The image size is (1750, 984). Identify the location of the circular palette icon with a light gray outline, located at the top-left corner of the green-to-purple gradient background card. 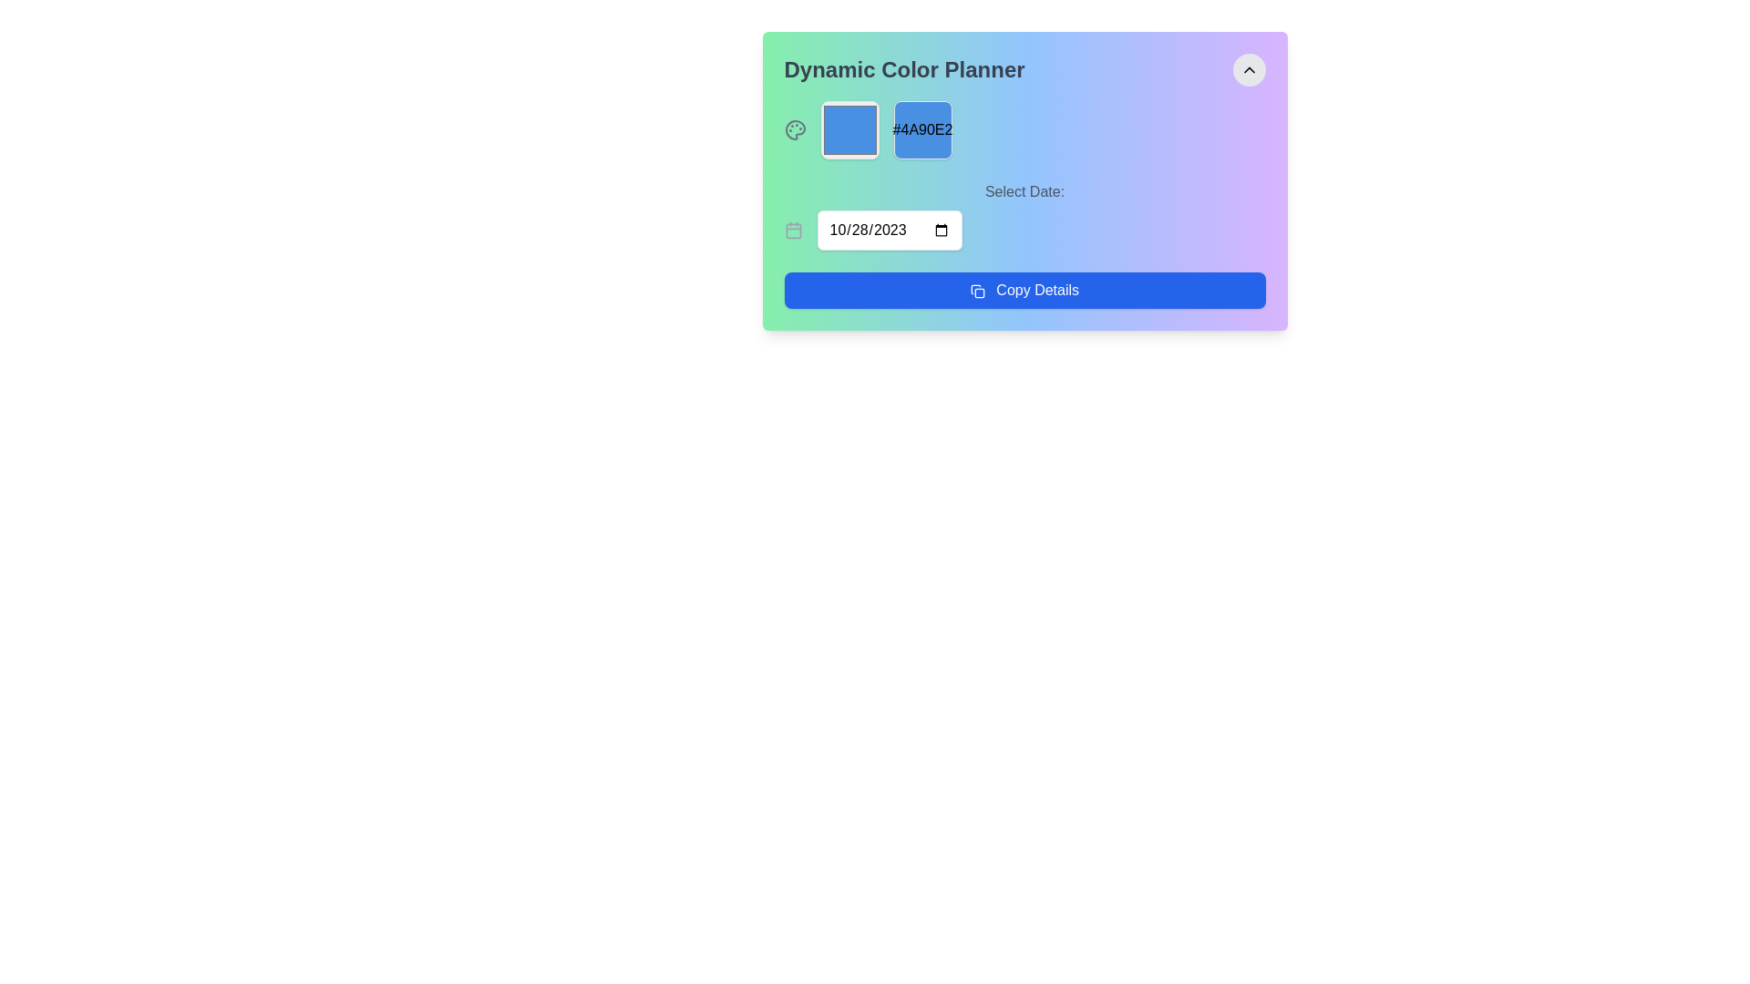
(795, 128).